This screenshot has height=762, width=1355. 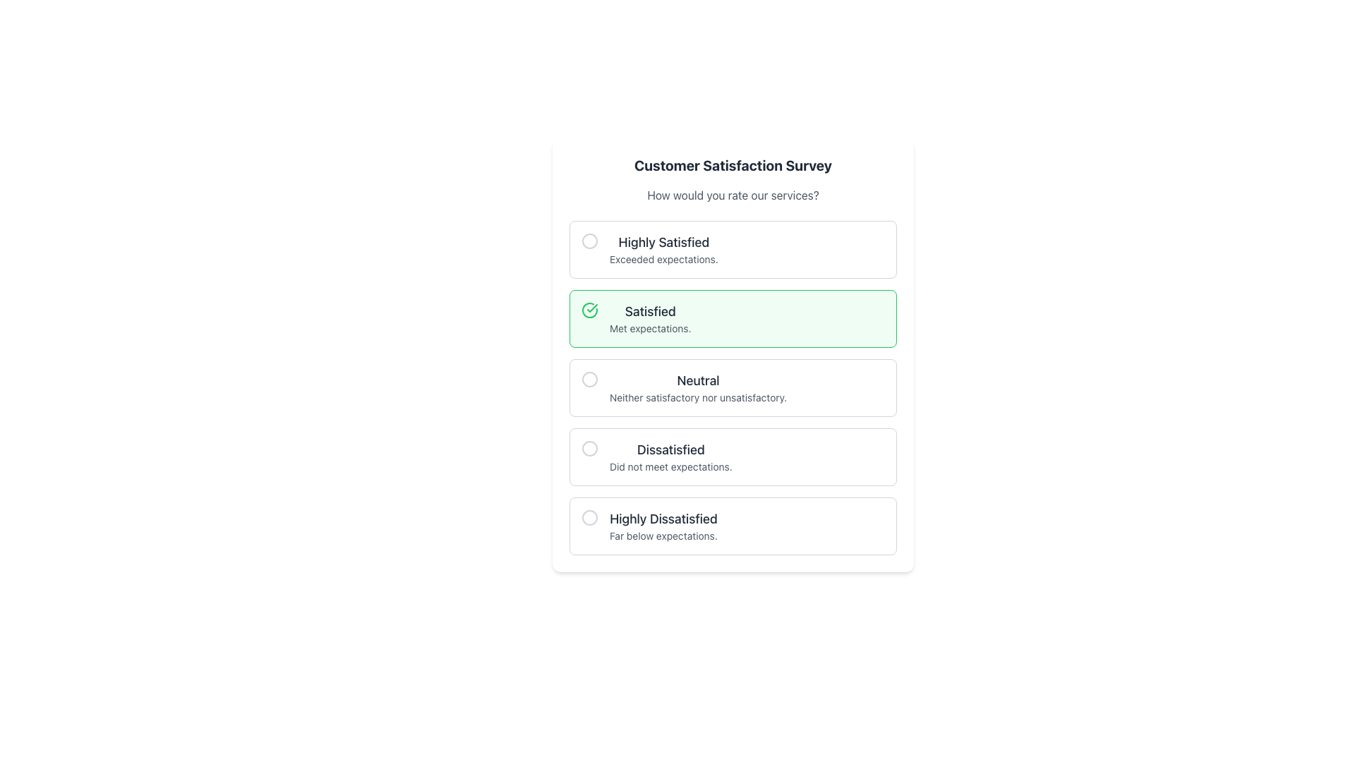 What do you see at coordinates (649, 329) in the screenshot?
I see `descriptive text located directly below the 'Satisfied' option in the survey, which is highlighted in green and is part of the second option in a vertical list of responses` at bounding box center [649, 329].